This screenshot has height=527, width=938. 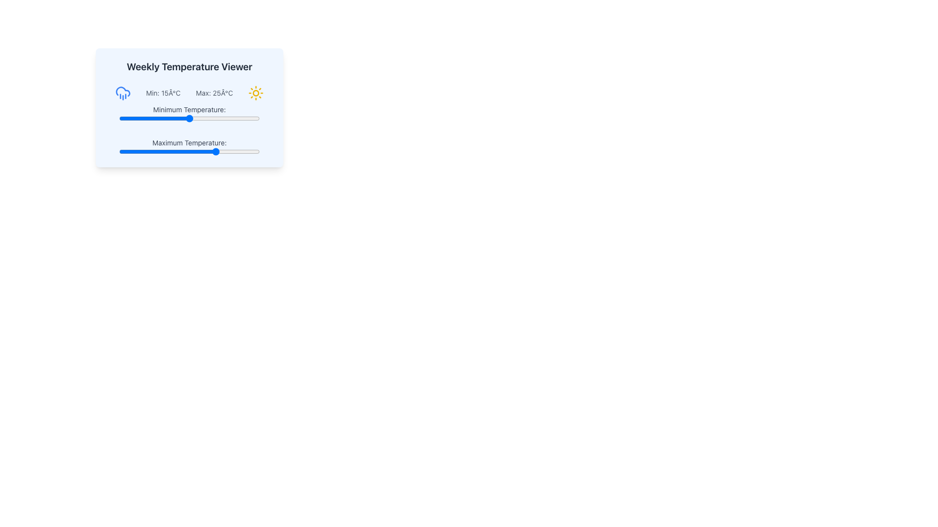 I want to click on the minimum temperature, so click(x=155, y=118).